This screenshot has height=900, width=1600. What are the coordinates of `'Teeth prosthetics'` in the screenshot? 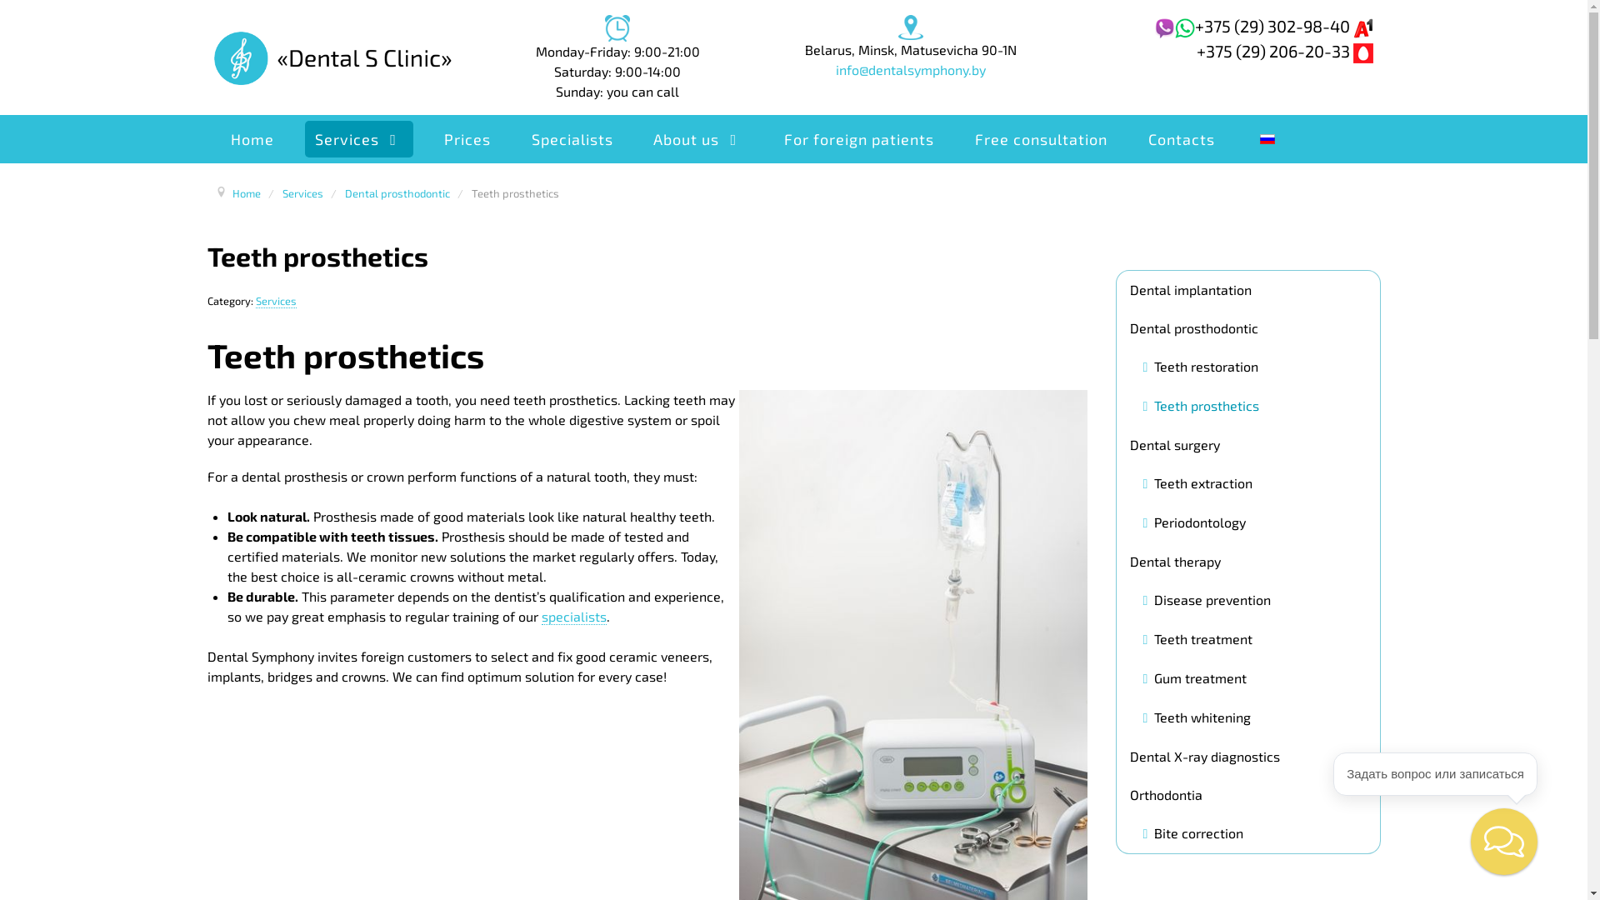 It's located at (1201, 406).